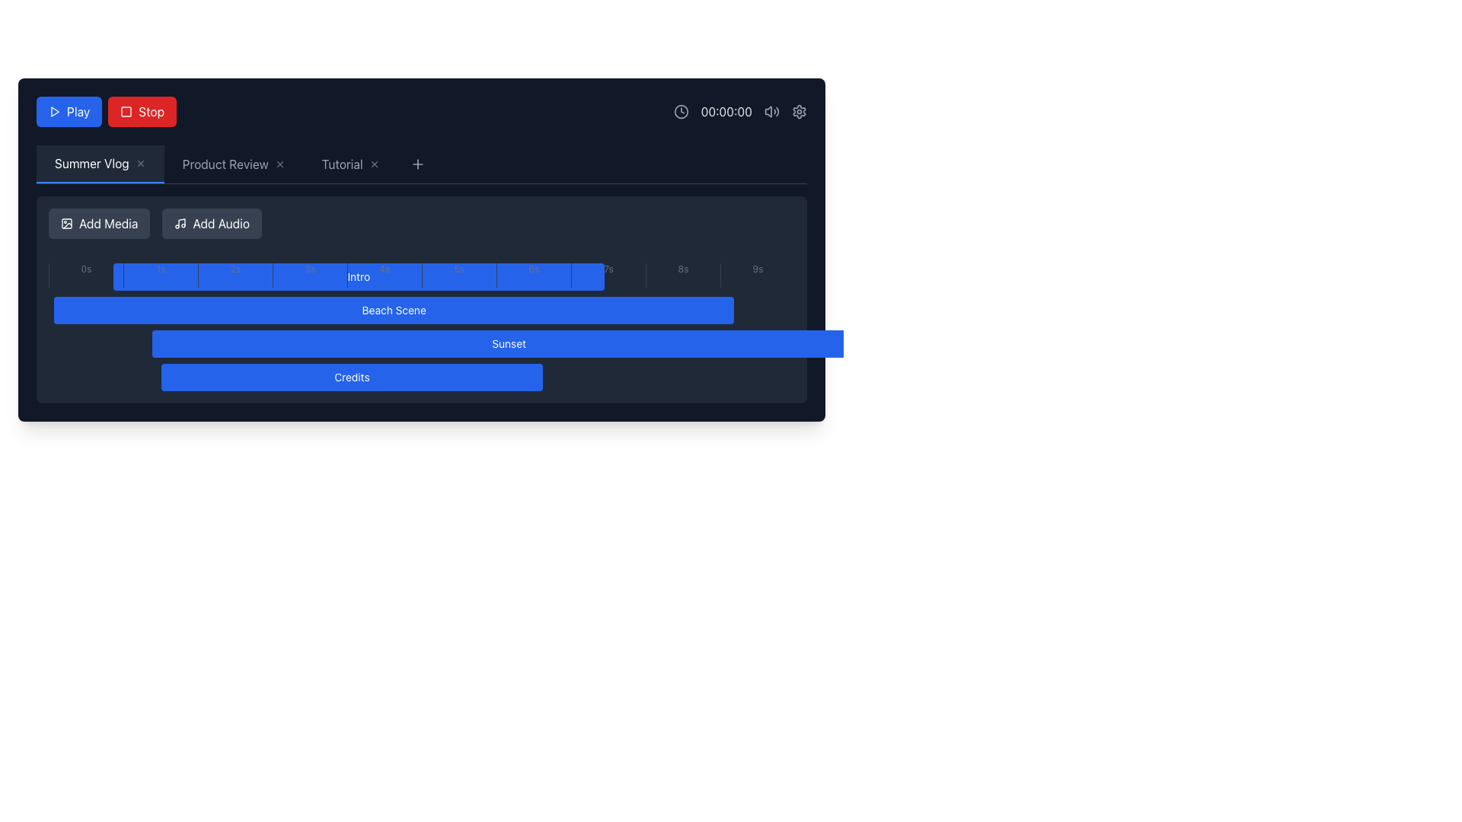 This screenshot has height=822, width=1462. What do you see at coordinates (394, 310) in the screenshot?
I see `the 'Beach Scene' label, which is the second blue rectangular label in a vertical stack` at bounding box center [394, 310].